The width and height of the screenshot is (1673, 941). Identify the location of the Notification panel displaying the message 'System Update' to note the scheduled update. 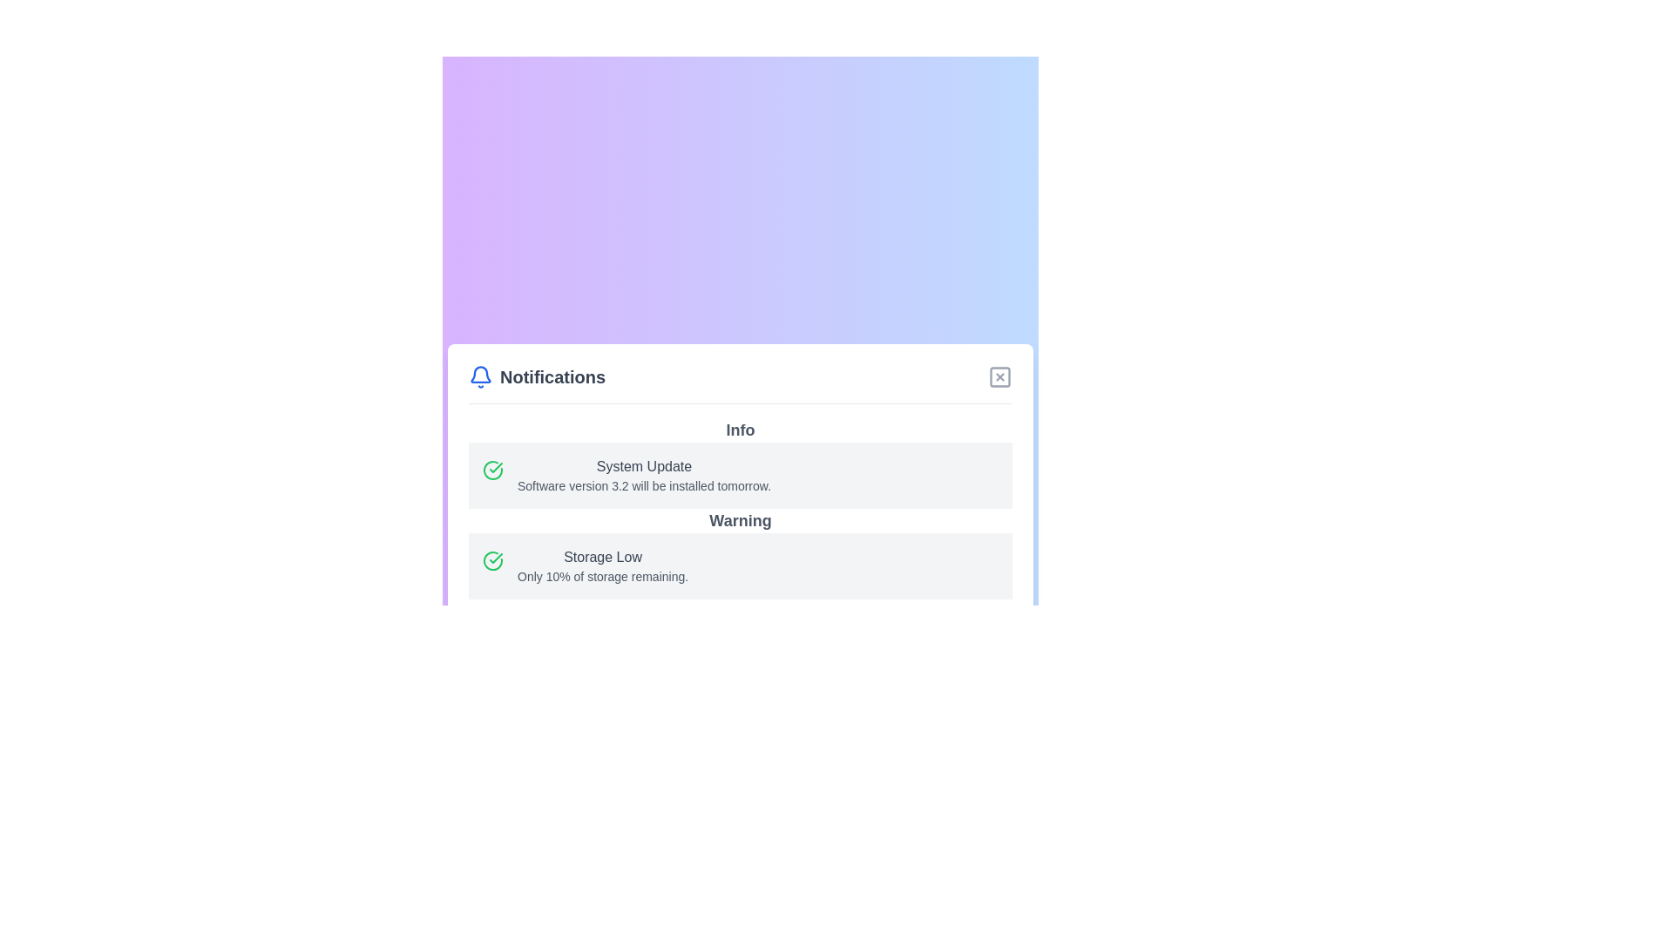
(740, 474).